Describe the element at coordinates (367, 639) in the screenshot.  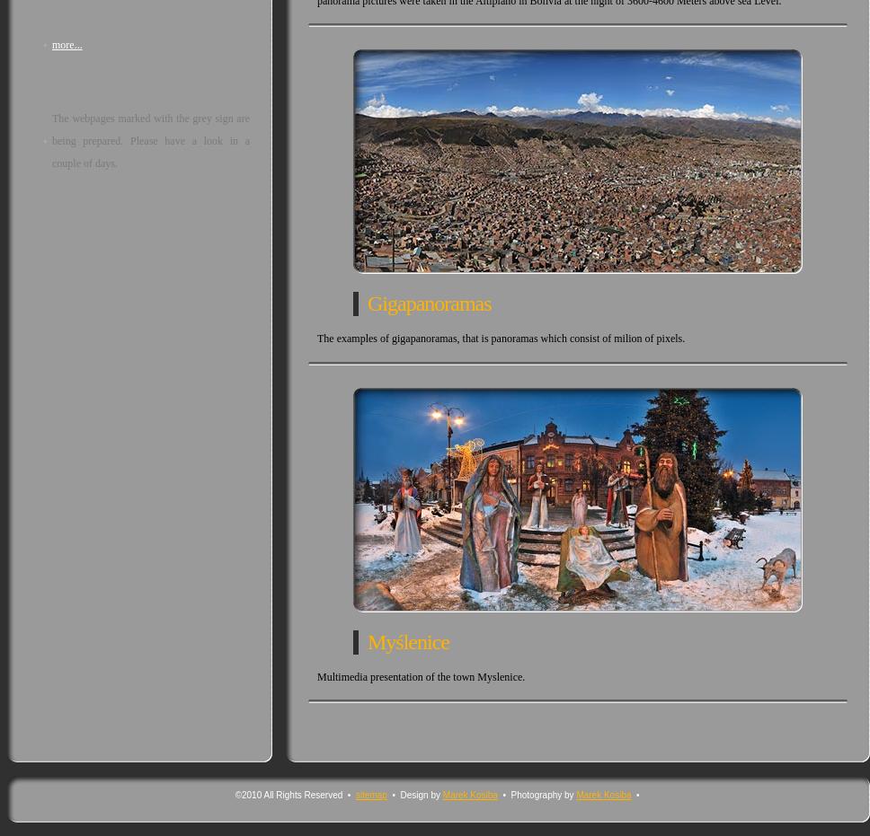
I see `'Myślenice'` at that location.